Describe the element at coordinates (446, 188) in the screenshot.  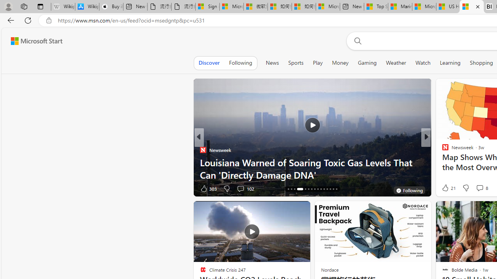
I see `'15 Like'` at that location.